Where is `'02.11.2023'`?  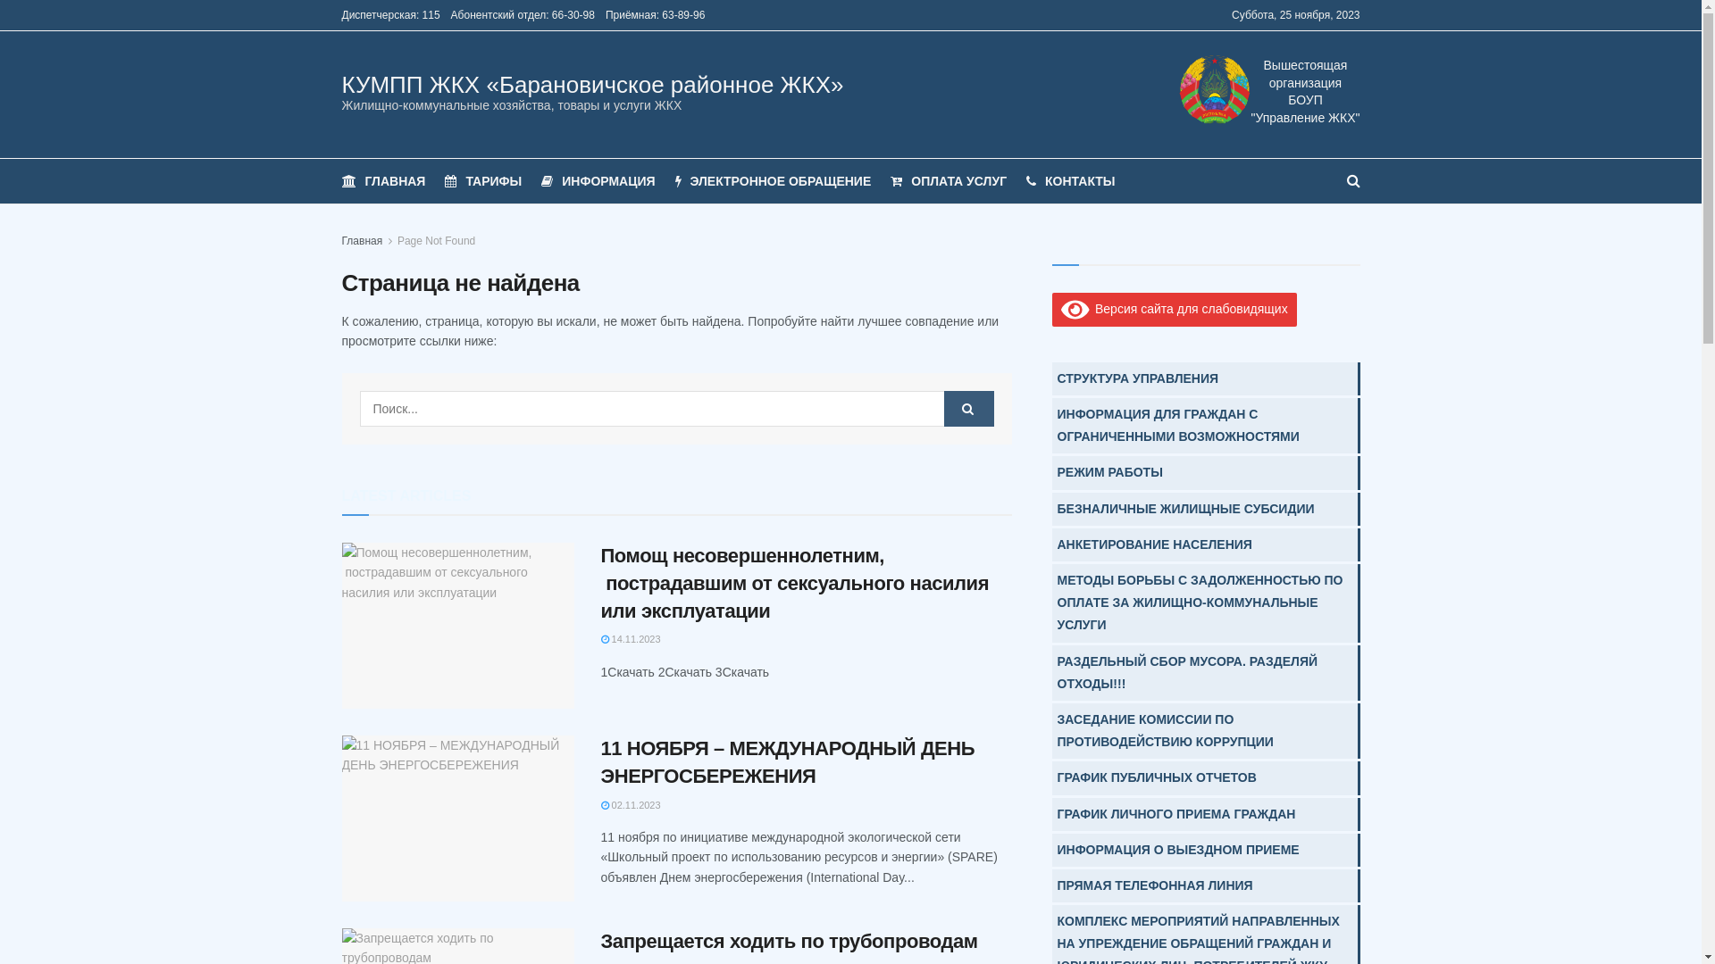 '02.11.2023' is located at coordinates (630, 805).